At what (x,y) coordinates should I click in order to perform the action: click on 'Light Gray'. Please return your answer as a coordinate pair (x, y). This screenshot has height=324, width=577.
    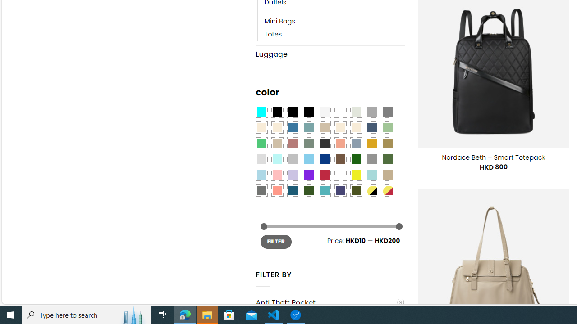
    Looking at the image, I should click on (261, 159).